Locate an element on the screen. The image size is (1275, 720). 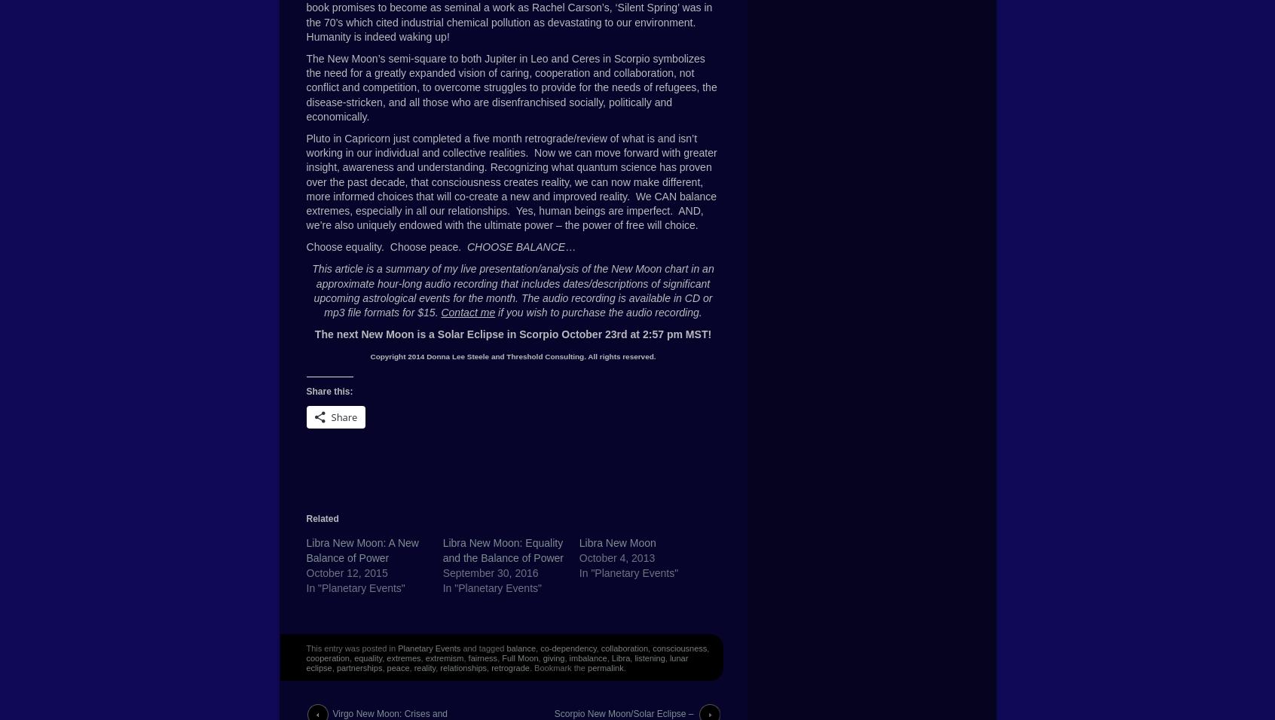
'partnerships' is located at coordinates (358, 667).